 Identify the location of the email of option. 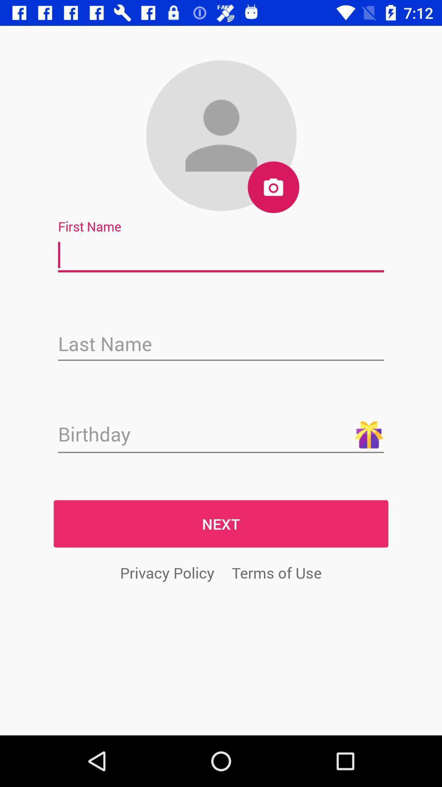
(221, 345).